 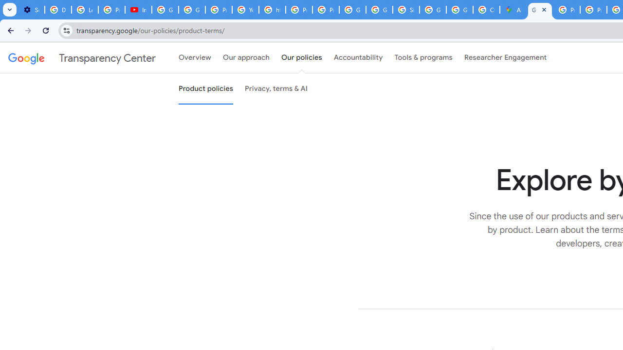 I want to click on 'Accountability', so click(x=358, y=58).